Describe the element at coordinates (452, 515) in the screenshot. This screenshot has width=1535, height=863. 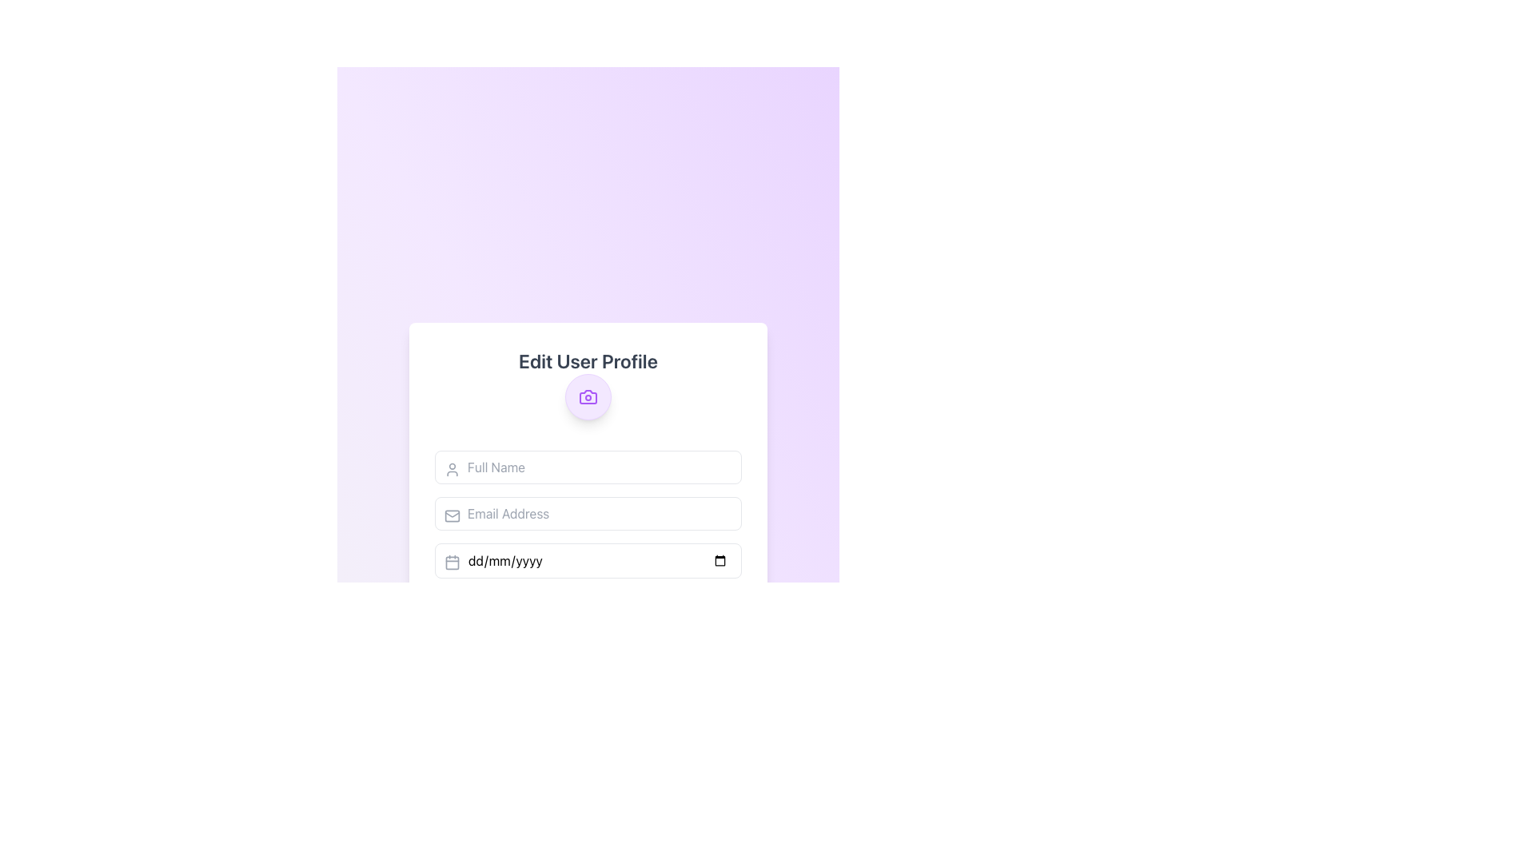
I see `the decorative envelope icon that visually represents the email address field, located to the left of the 'Email Address' input field` at that location.